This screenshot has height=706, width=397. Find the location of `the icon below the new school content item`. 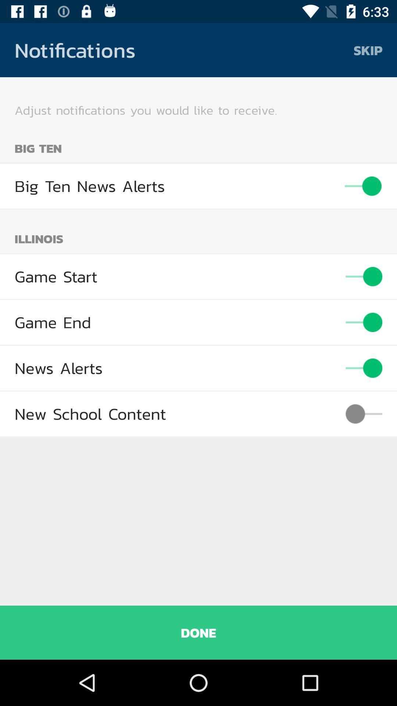

the icon below the new school content item is located at coordinates (198, 632).